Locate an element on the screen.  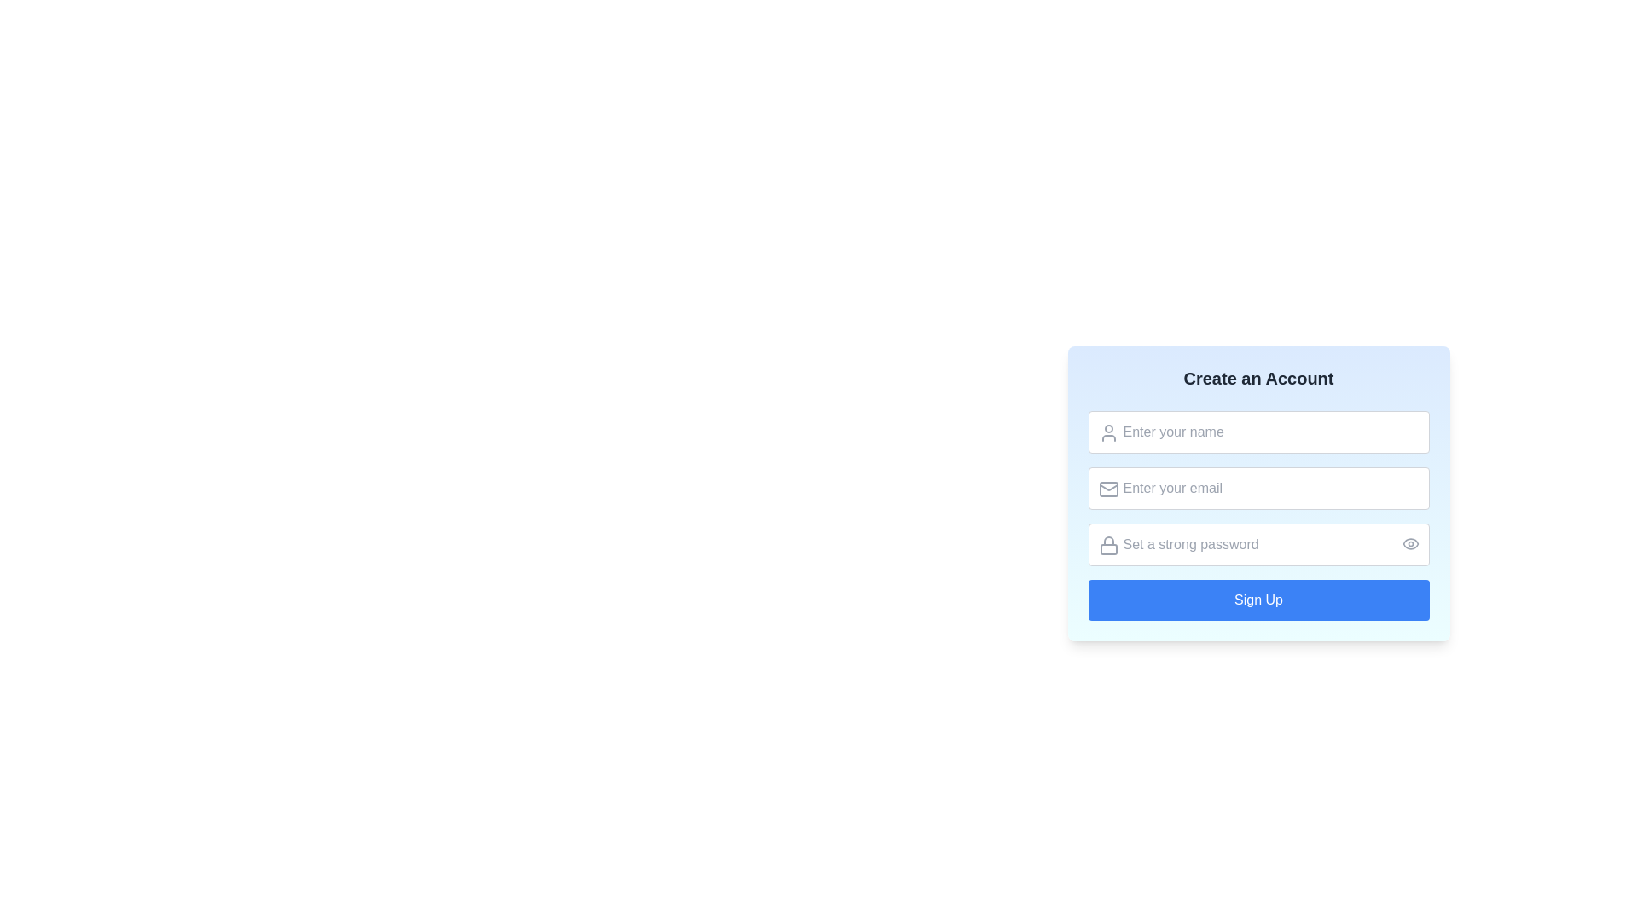
the email input field icon located to the left of the 'Enter your email' input field is located at coordinates (1108, 489).